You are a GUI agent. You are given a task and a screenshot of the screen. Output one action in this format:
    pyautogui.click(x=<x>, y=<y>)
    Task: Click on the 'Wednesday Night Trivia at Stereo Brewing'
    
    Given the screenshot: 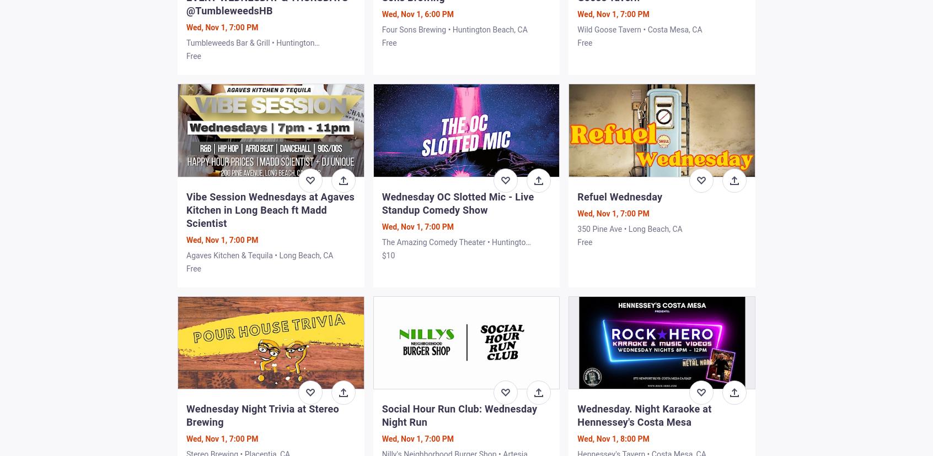 What is the action you would take?
    pyautogui.click(x=261, y=414)
    